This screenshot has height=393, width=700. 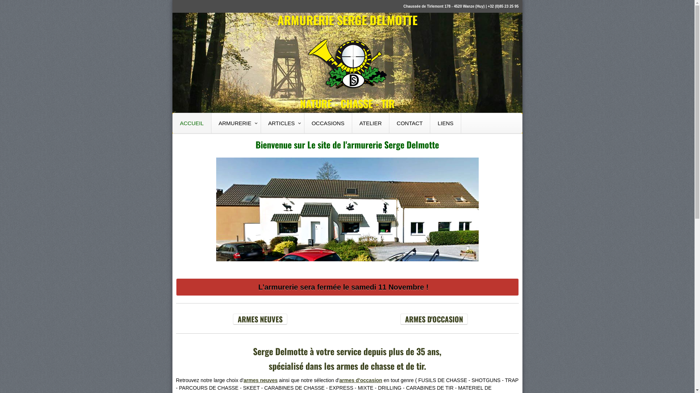 What do you see at coordinates (328, 123) in the screenshot?
I see `'OCCASIONS'` at bounding box center [328, 123].